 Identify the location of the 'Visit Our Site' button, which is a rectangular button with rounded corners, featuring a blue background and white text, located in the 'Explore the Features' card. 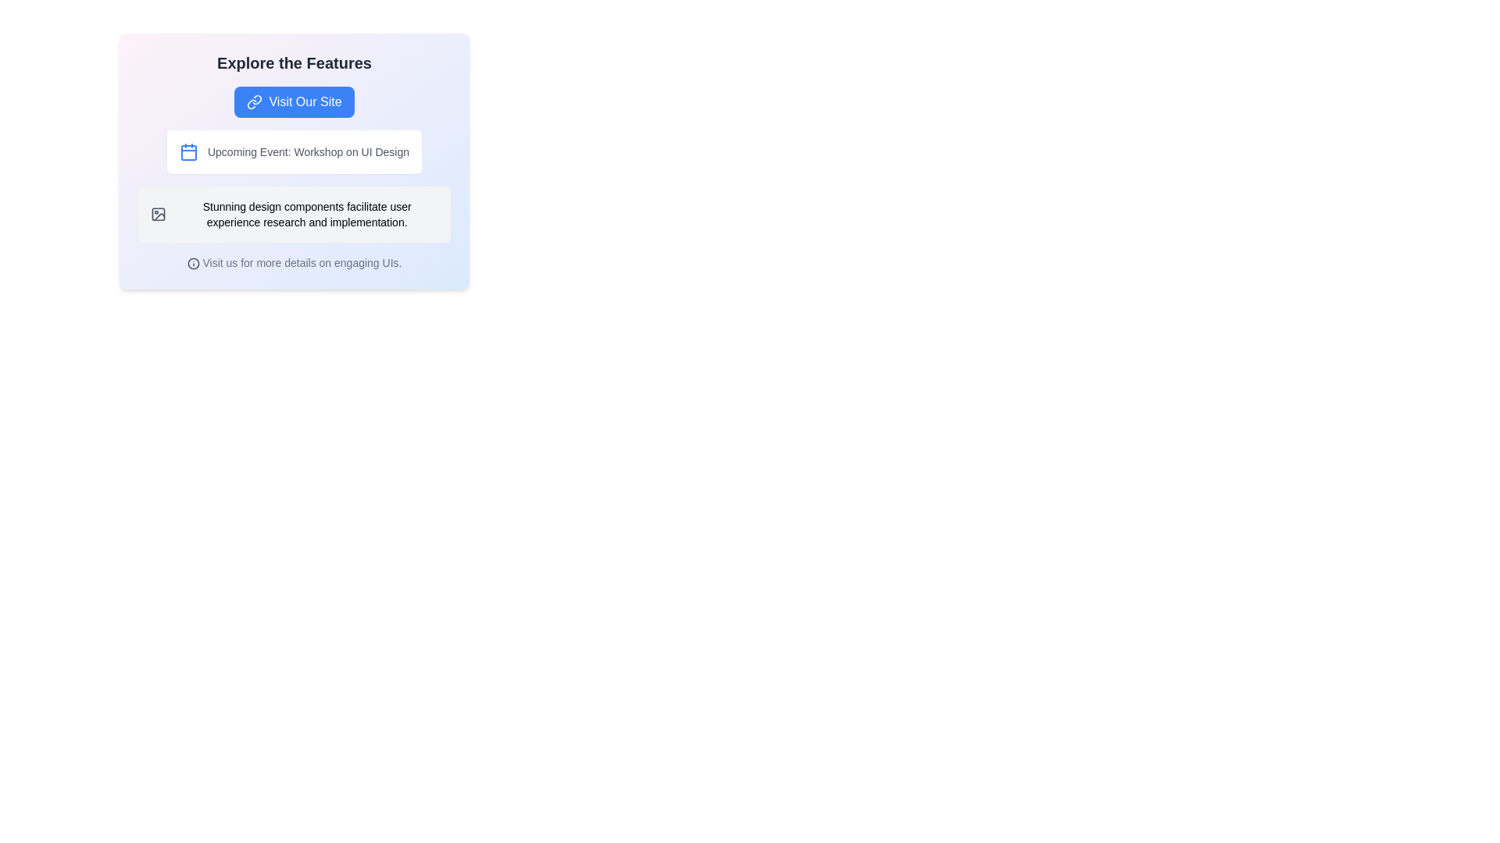
(294, 102).